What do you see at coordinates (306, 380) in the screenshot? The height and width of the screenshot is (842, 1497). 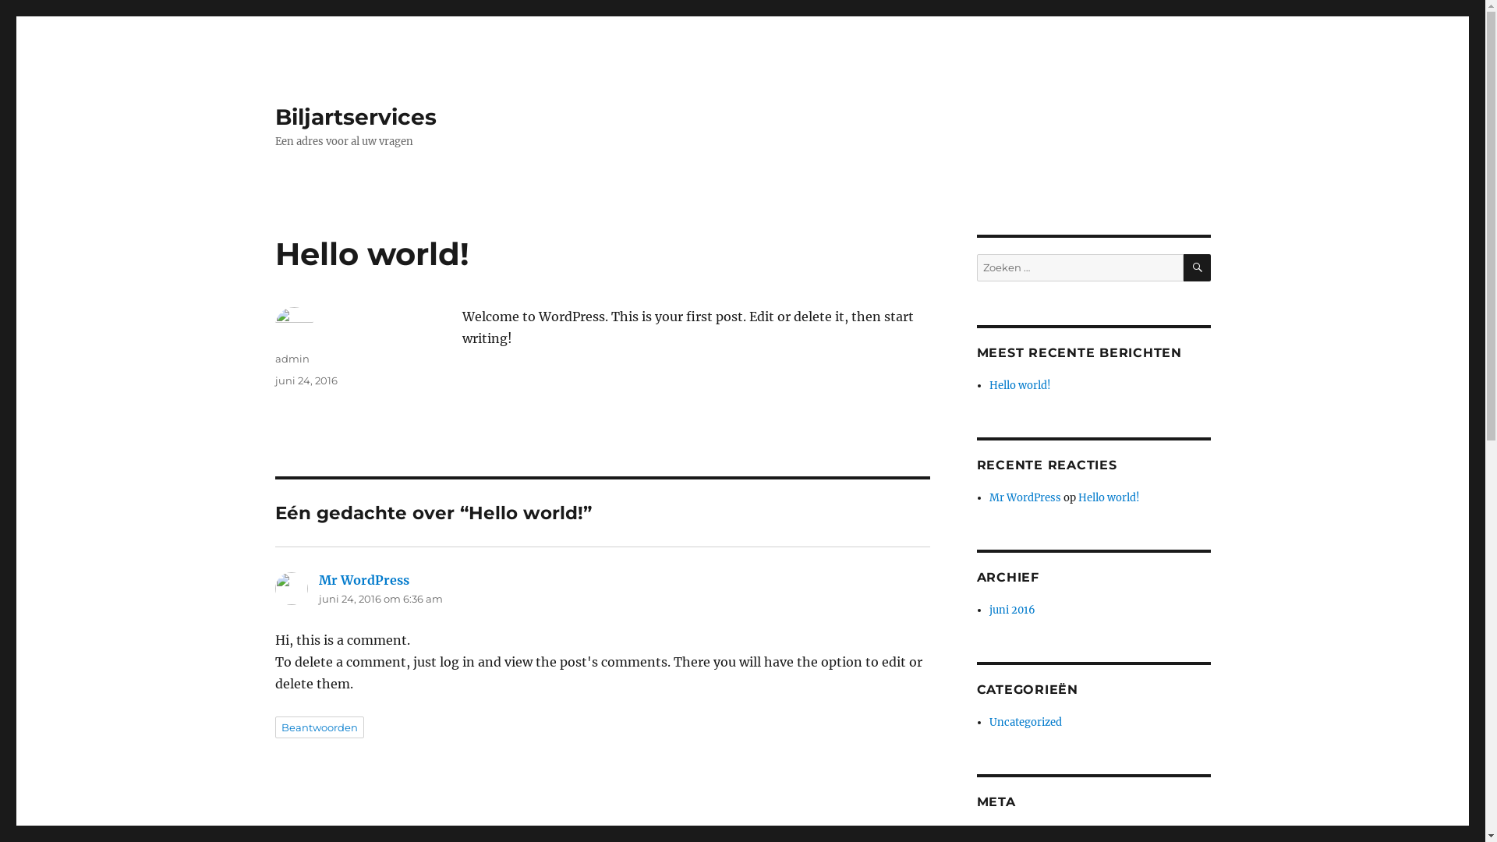 I see `'juni 24, 2016'` at bounding box center [306, 380].